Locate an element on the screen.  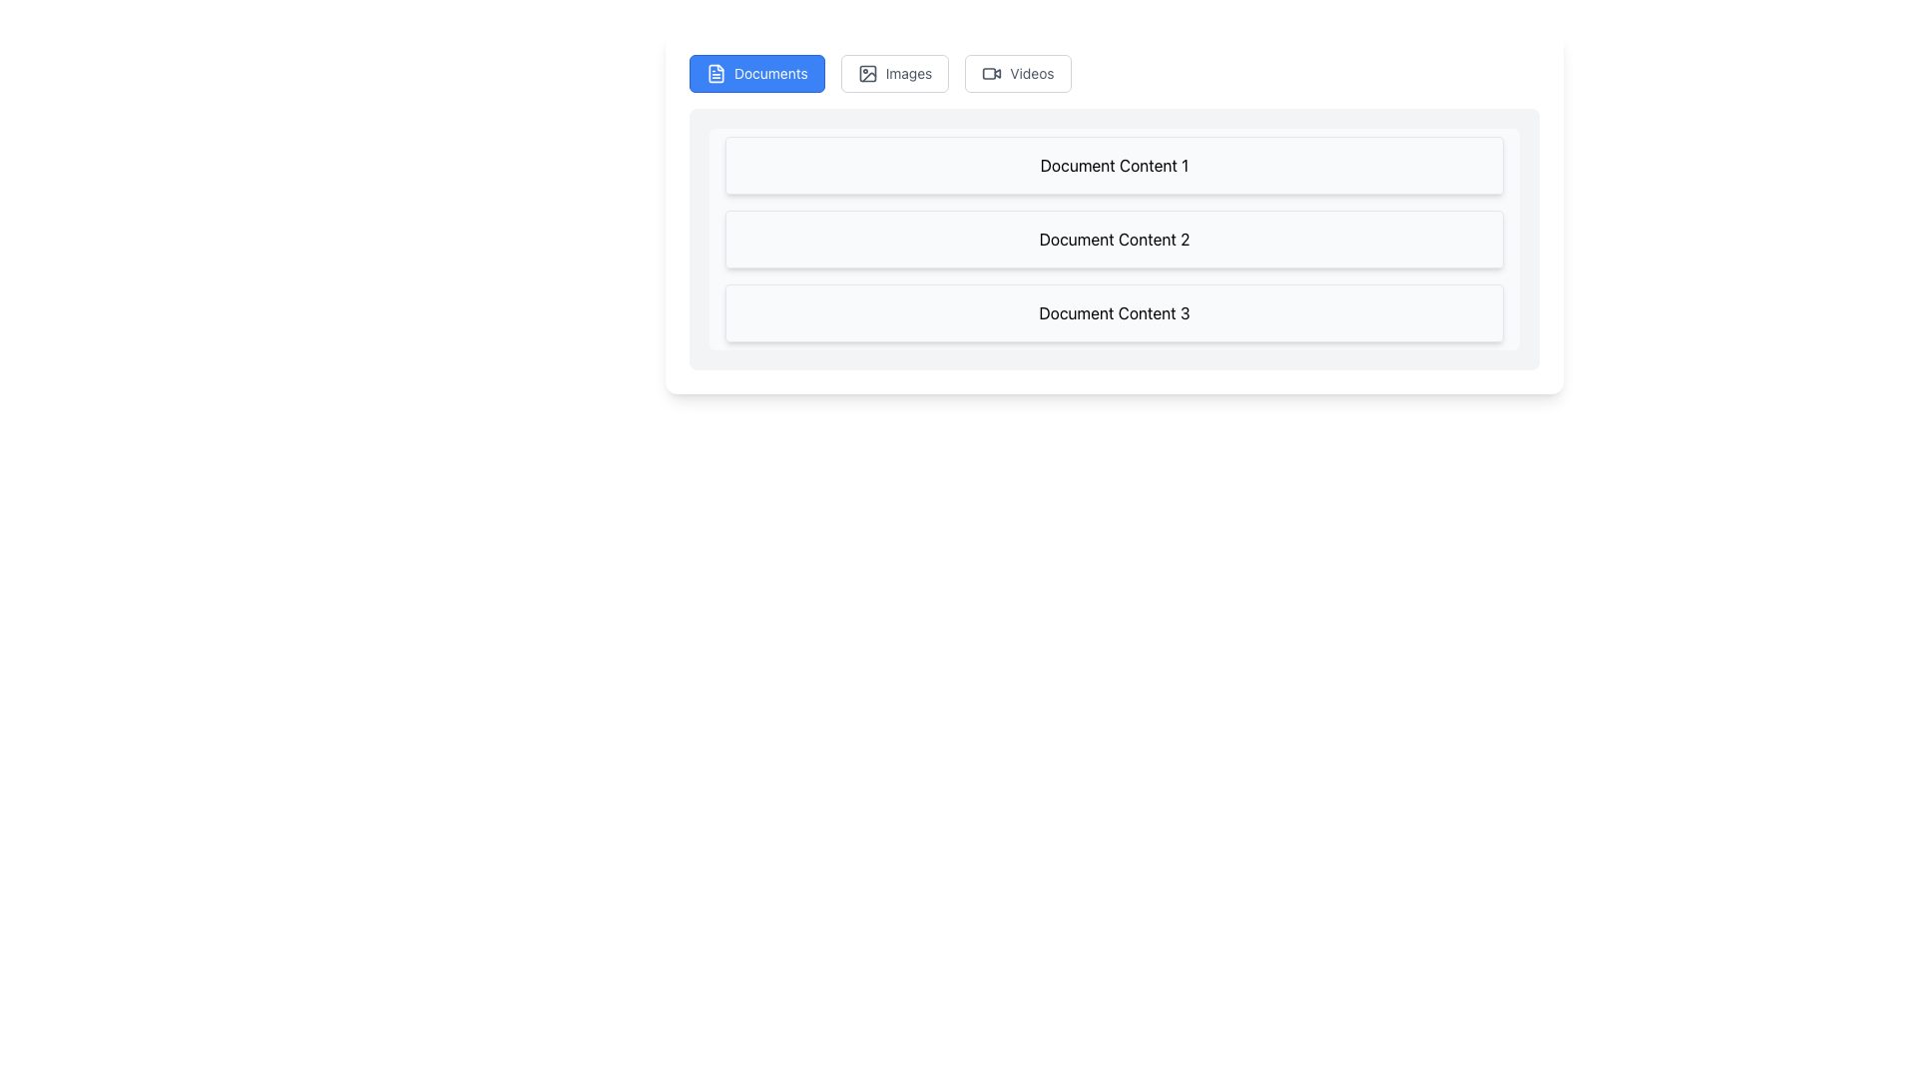
the rectangle with rounded corners that forms part of the video icon located under the 'Videos' tab in the navigation section is located at coordinates (989, 72).